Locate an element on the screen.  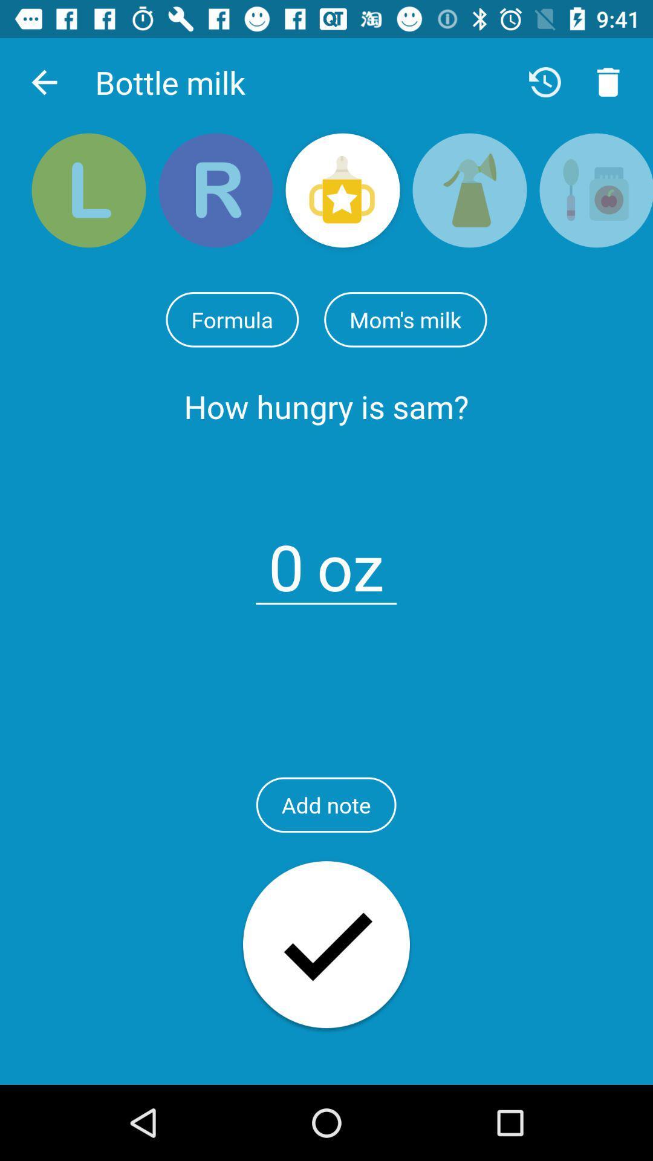
the icon to the left of the bottle milk icon is located at coordinates (44, 82).